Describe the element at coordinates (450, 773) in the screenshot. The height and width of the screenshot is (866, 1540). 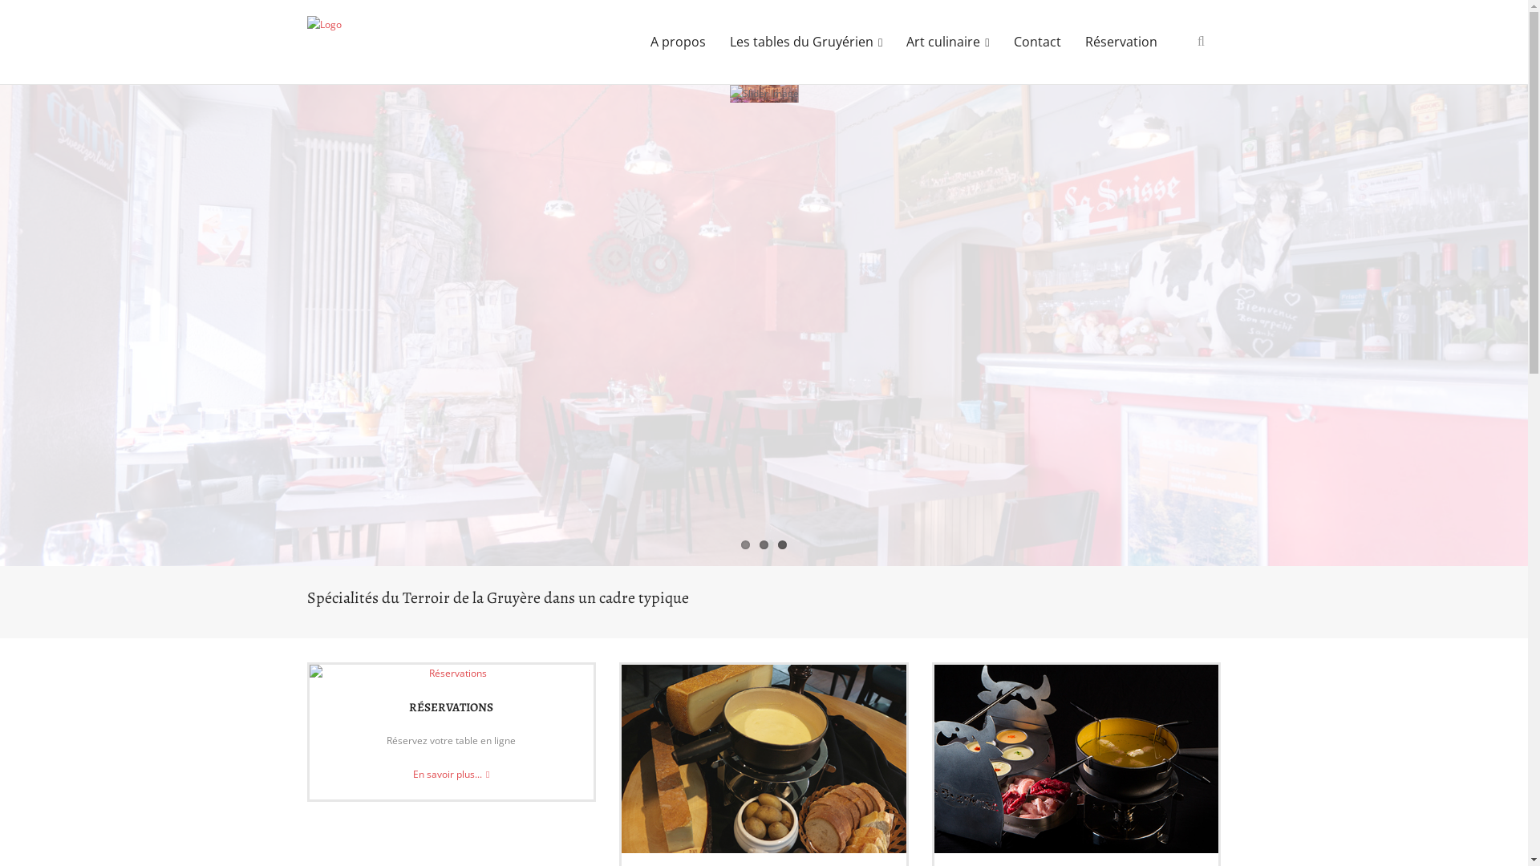
I see `'En savoir plus...'` at that location.